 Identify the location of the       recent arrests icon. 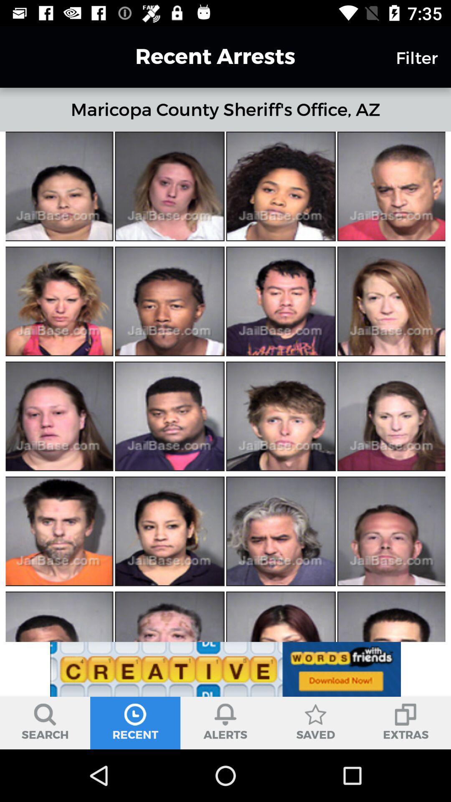
(200, 56).